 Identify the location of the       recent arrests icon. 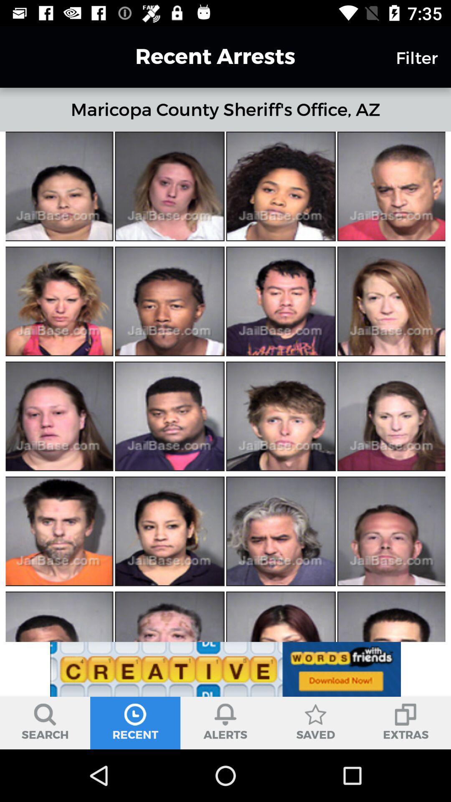
(200, 56).